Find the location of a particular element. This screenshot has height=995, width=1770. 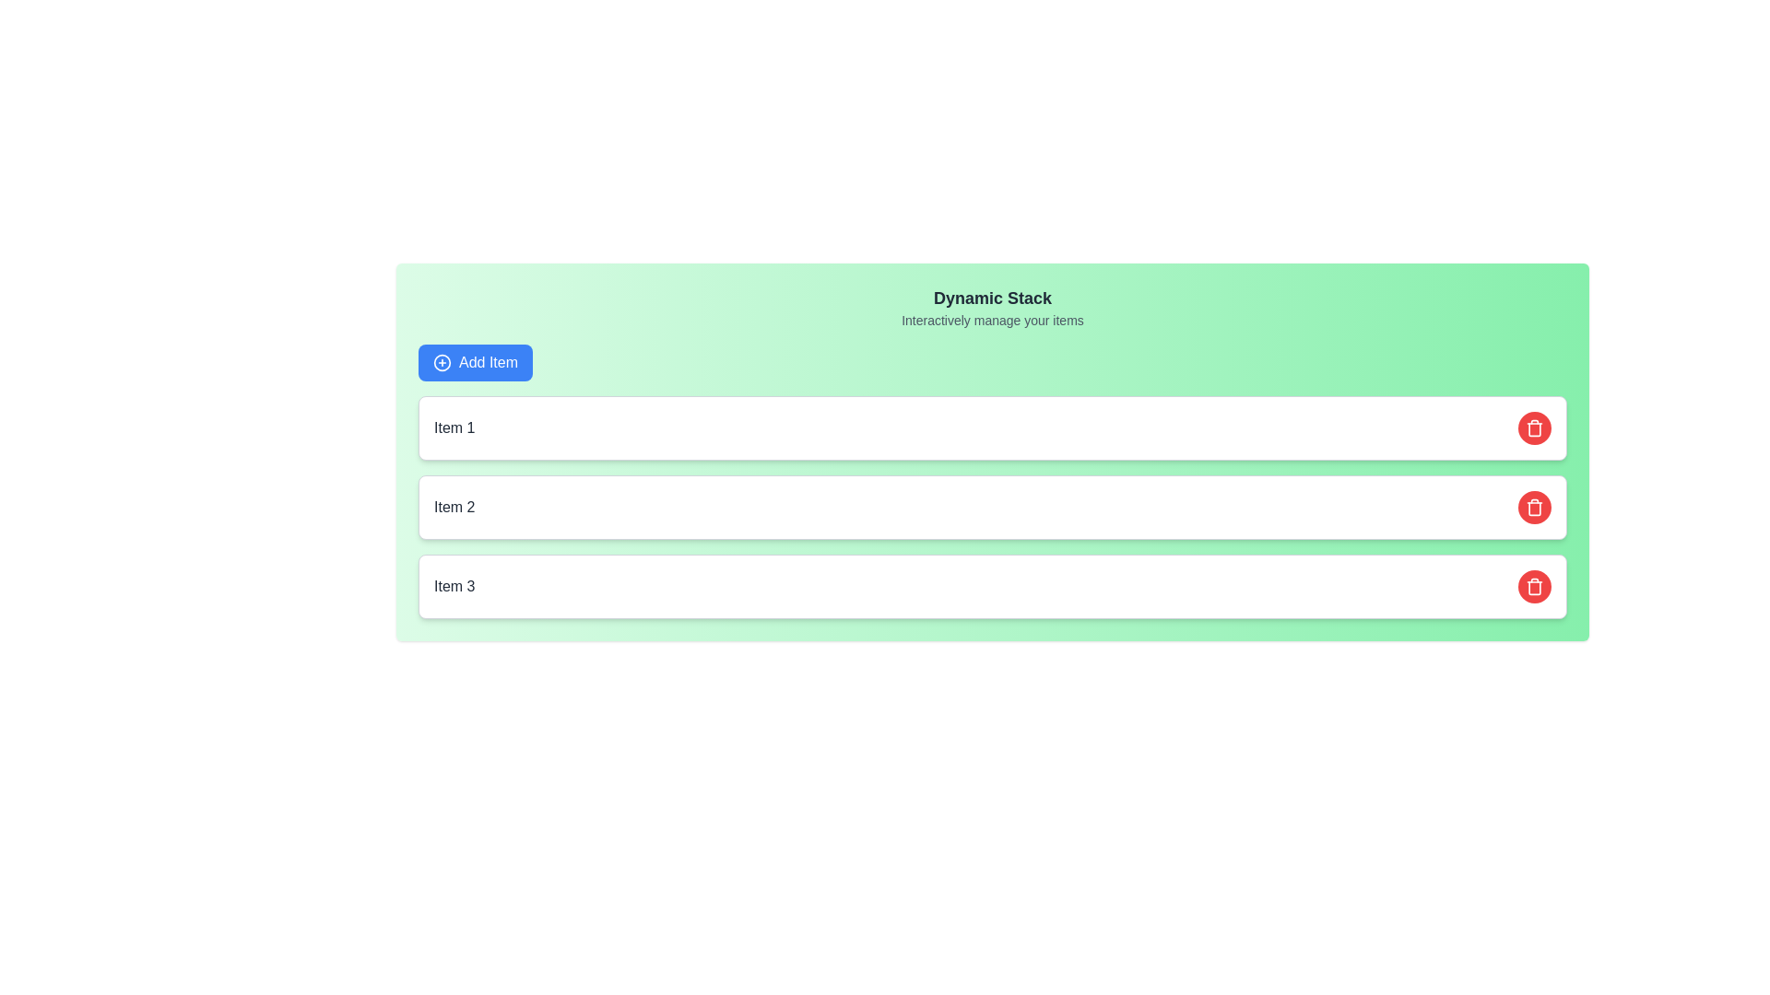

the button is located at coordinates (476, 362).